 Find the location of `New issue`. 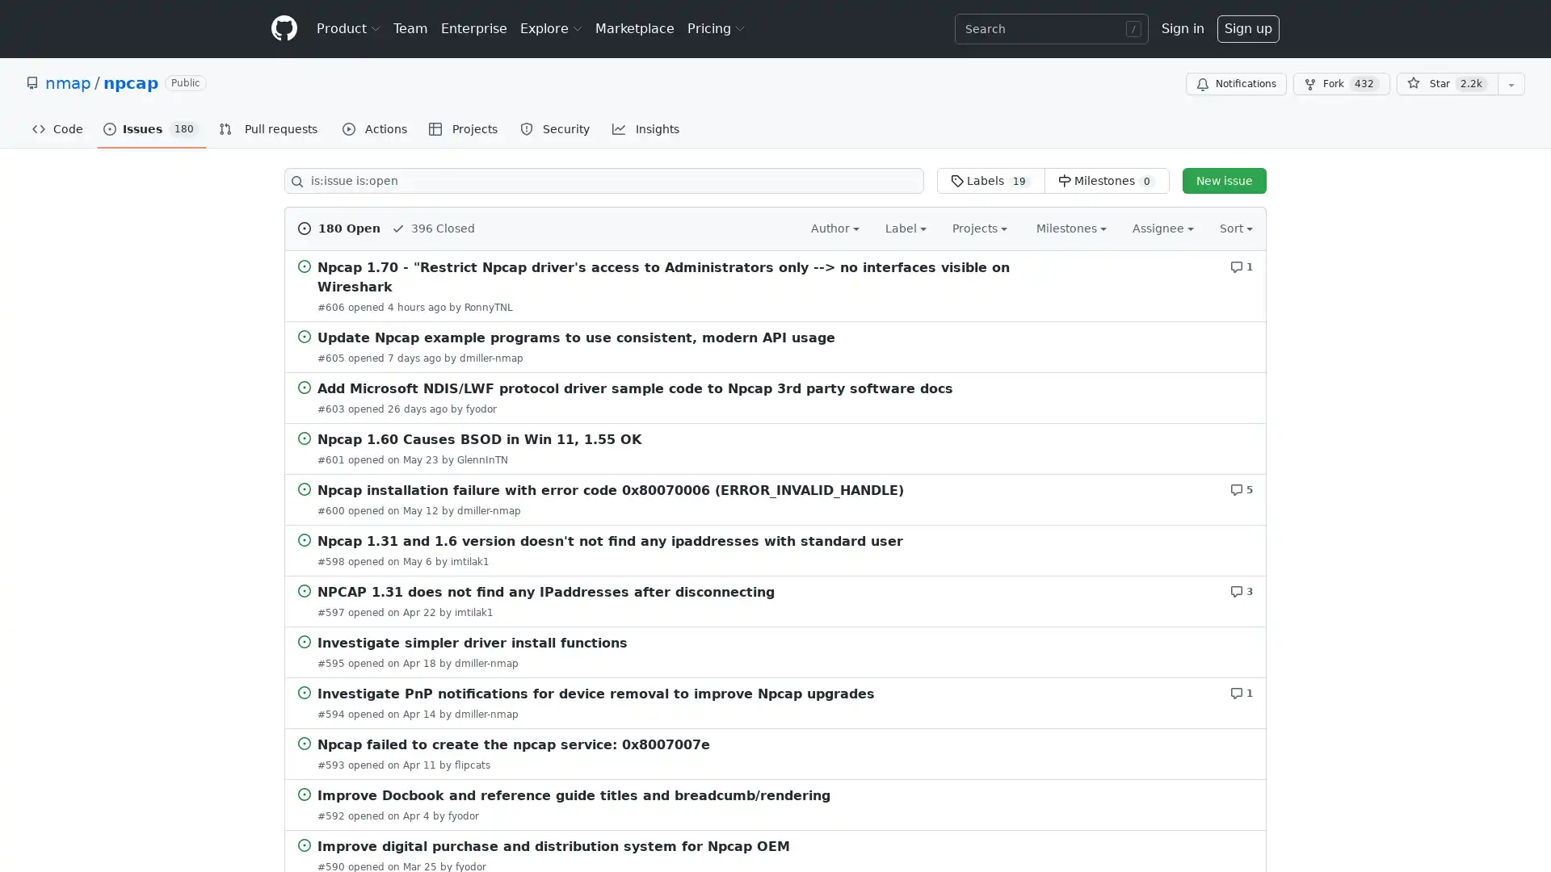

New issue is located at coordinates (1225, 180).